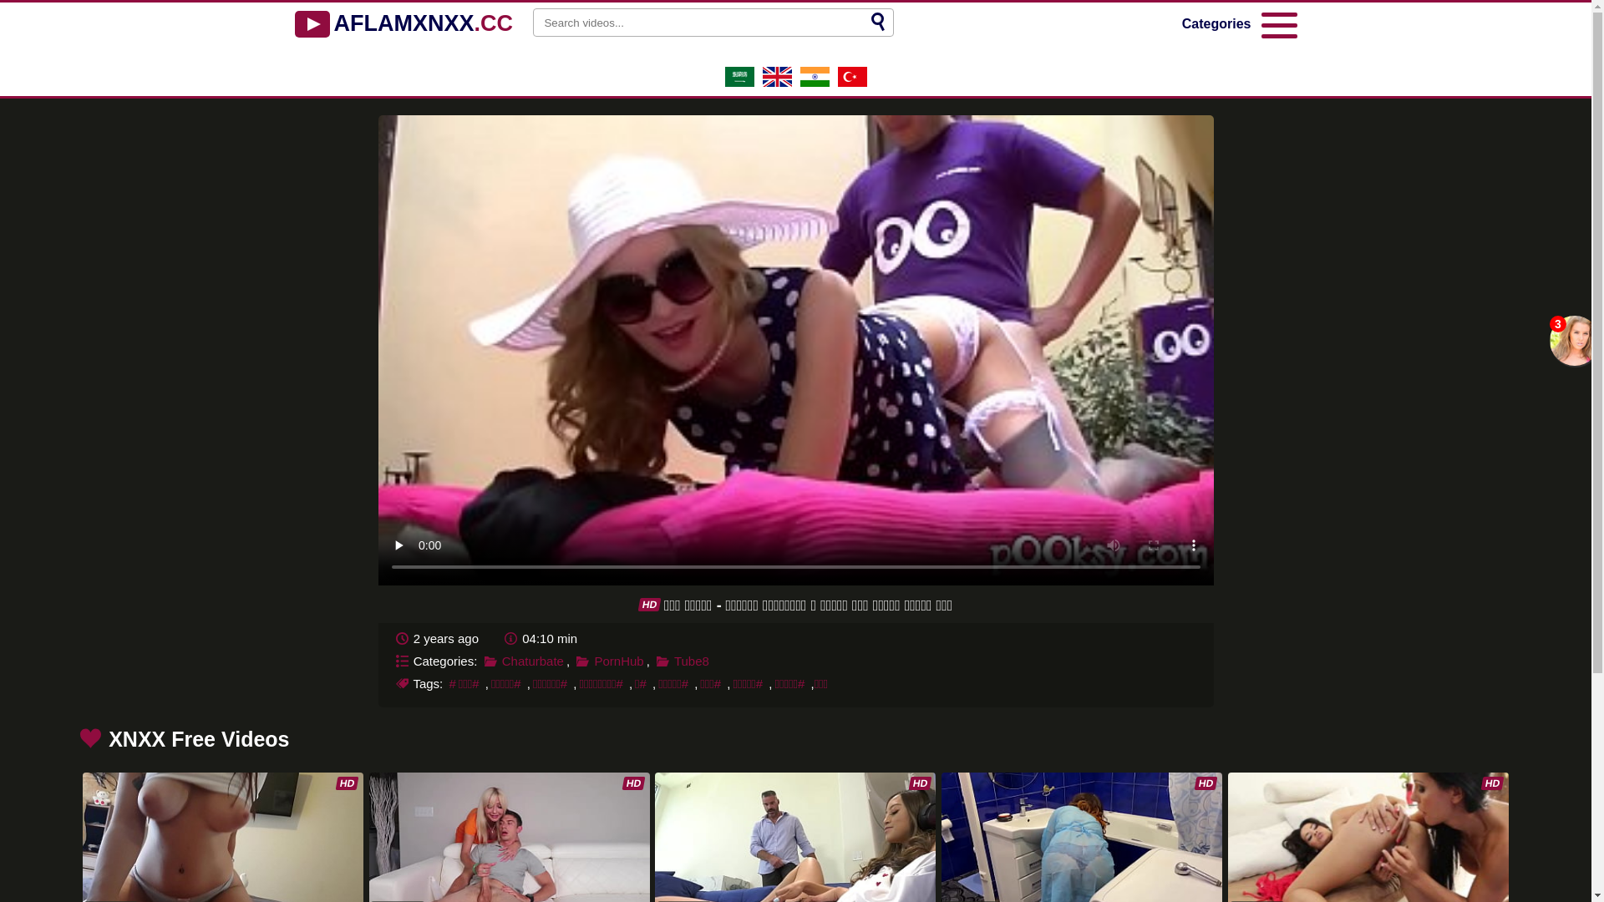 Image resolution: width=1604 pixels, height=902 pixels. Describe the element at coordinates (837, 82) in the screenshot. I see `'TR'` at that location.